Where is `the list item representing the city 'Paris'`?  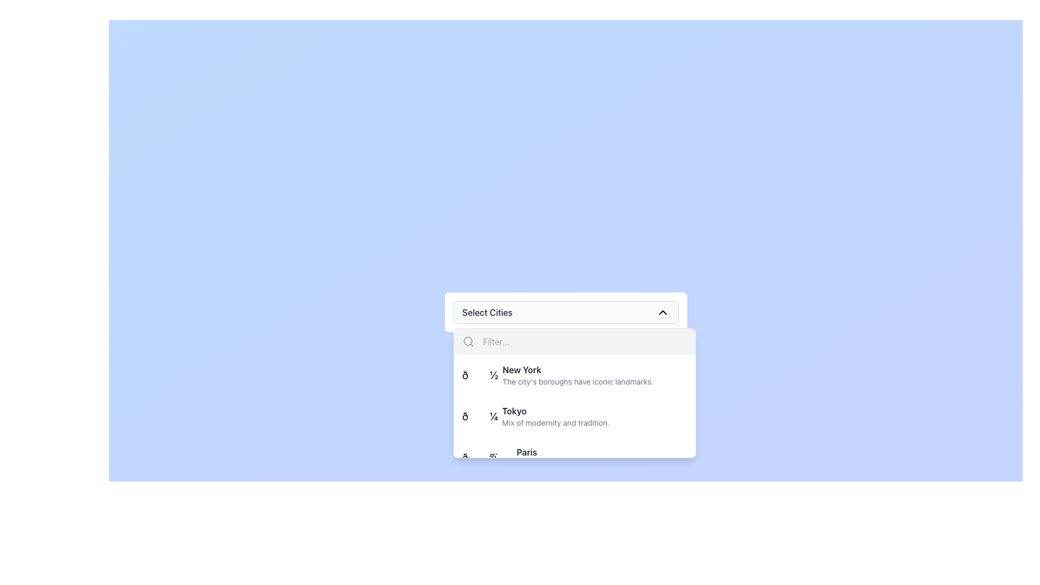
the list item representing the city 'Paris' is located at coordinates (530, 457).